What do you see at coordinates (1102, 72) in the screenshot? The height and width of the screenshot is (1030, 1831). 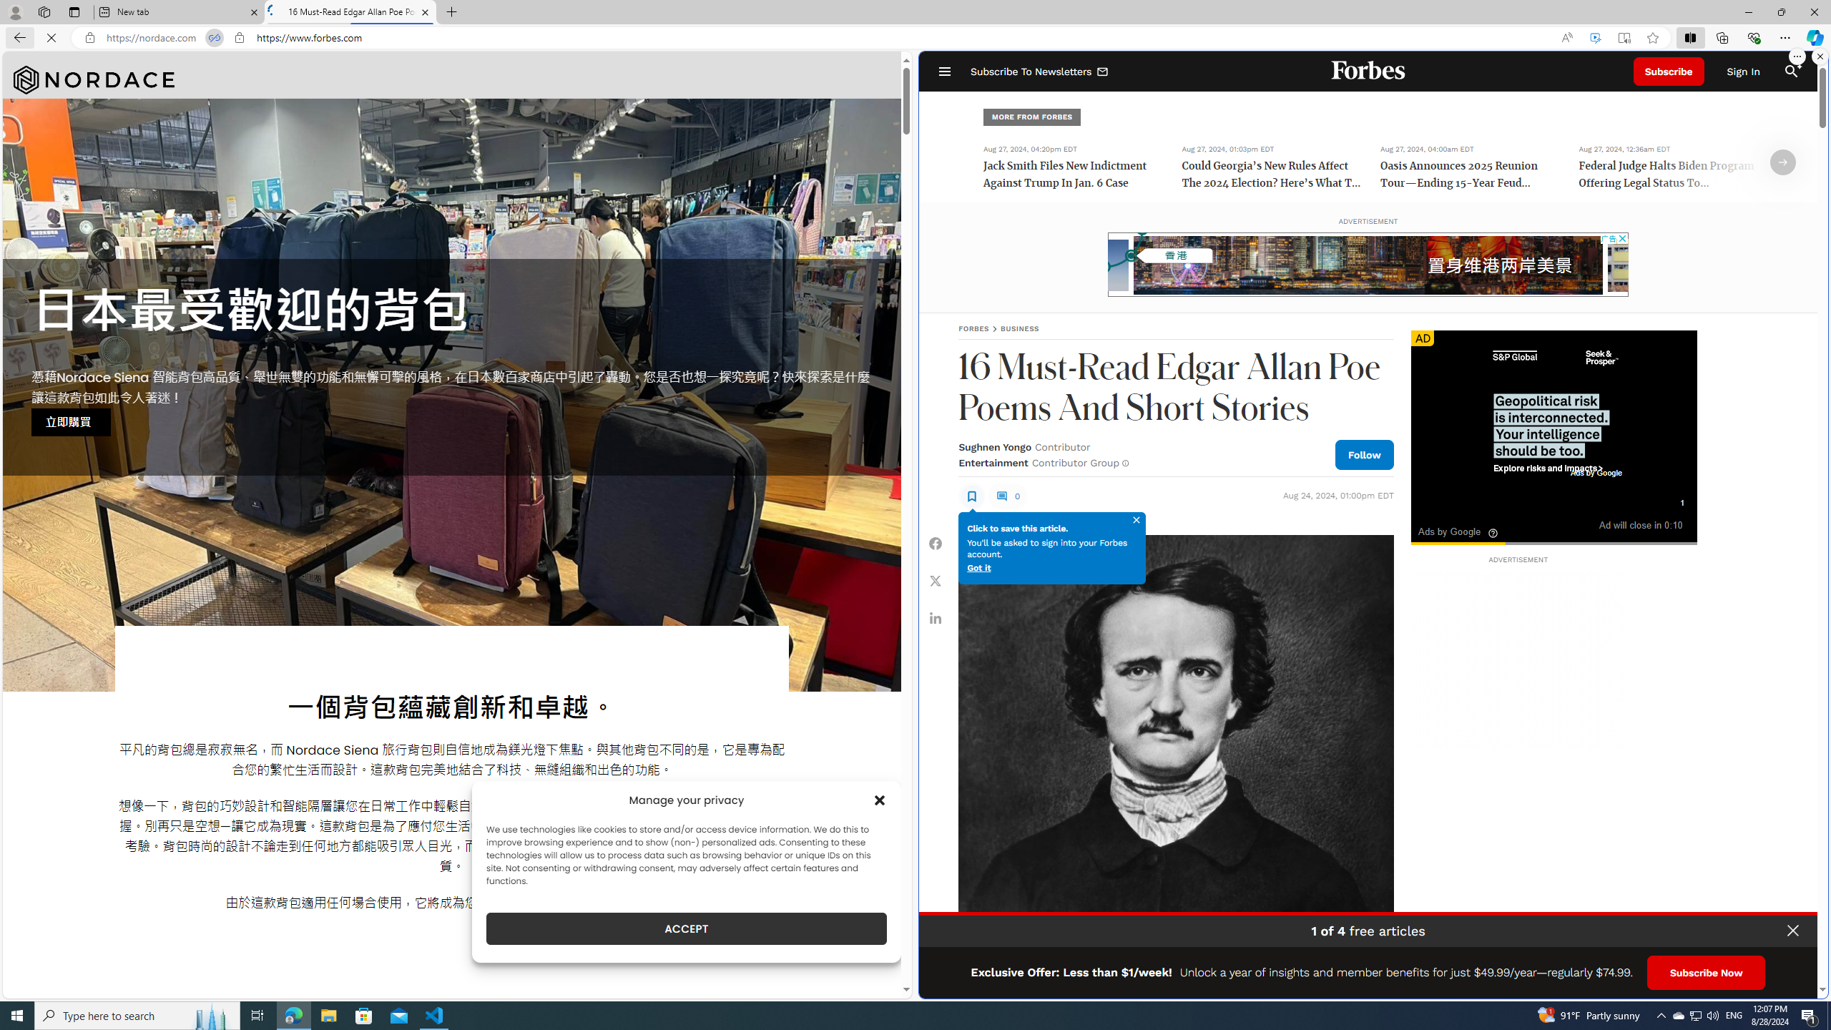 I see `'Class: envelope_svg__fs-icon envelope_svg__fs-icon--envelope'` at bounding box center [1102, 72].